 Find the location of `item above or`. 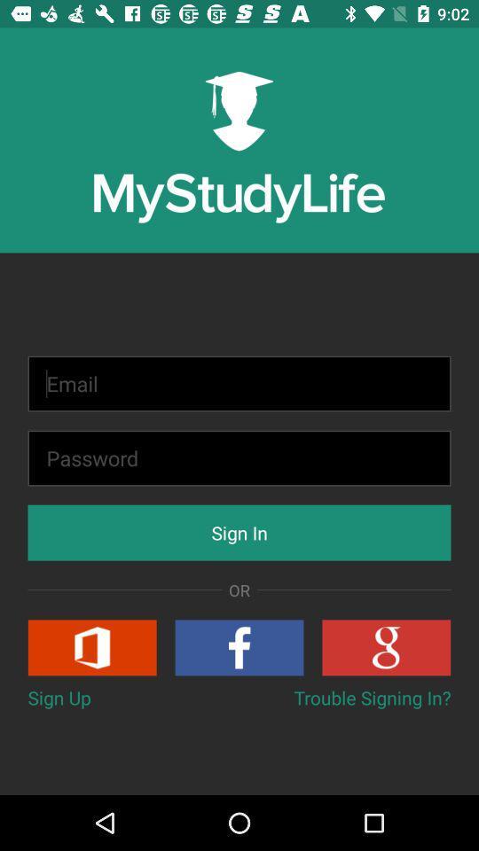

item above or is located at coordinates (239, 532).